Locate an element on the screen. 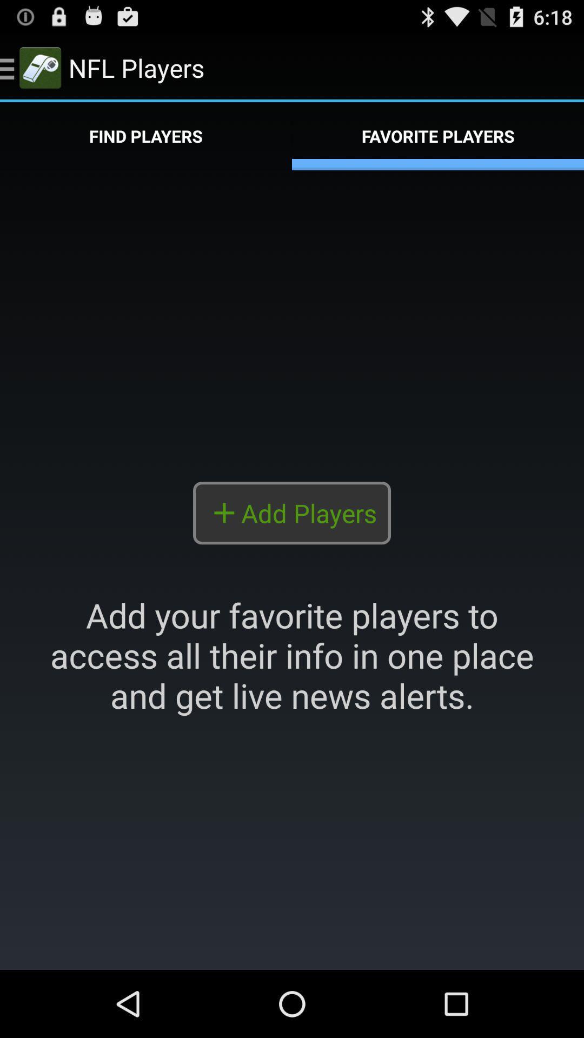  find players app is located at coordinates (146, 136).